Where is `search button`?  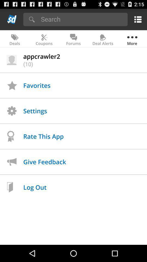 search button is located at coordinates (82, 19).